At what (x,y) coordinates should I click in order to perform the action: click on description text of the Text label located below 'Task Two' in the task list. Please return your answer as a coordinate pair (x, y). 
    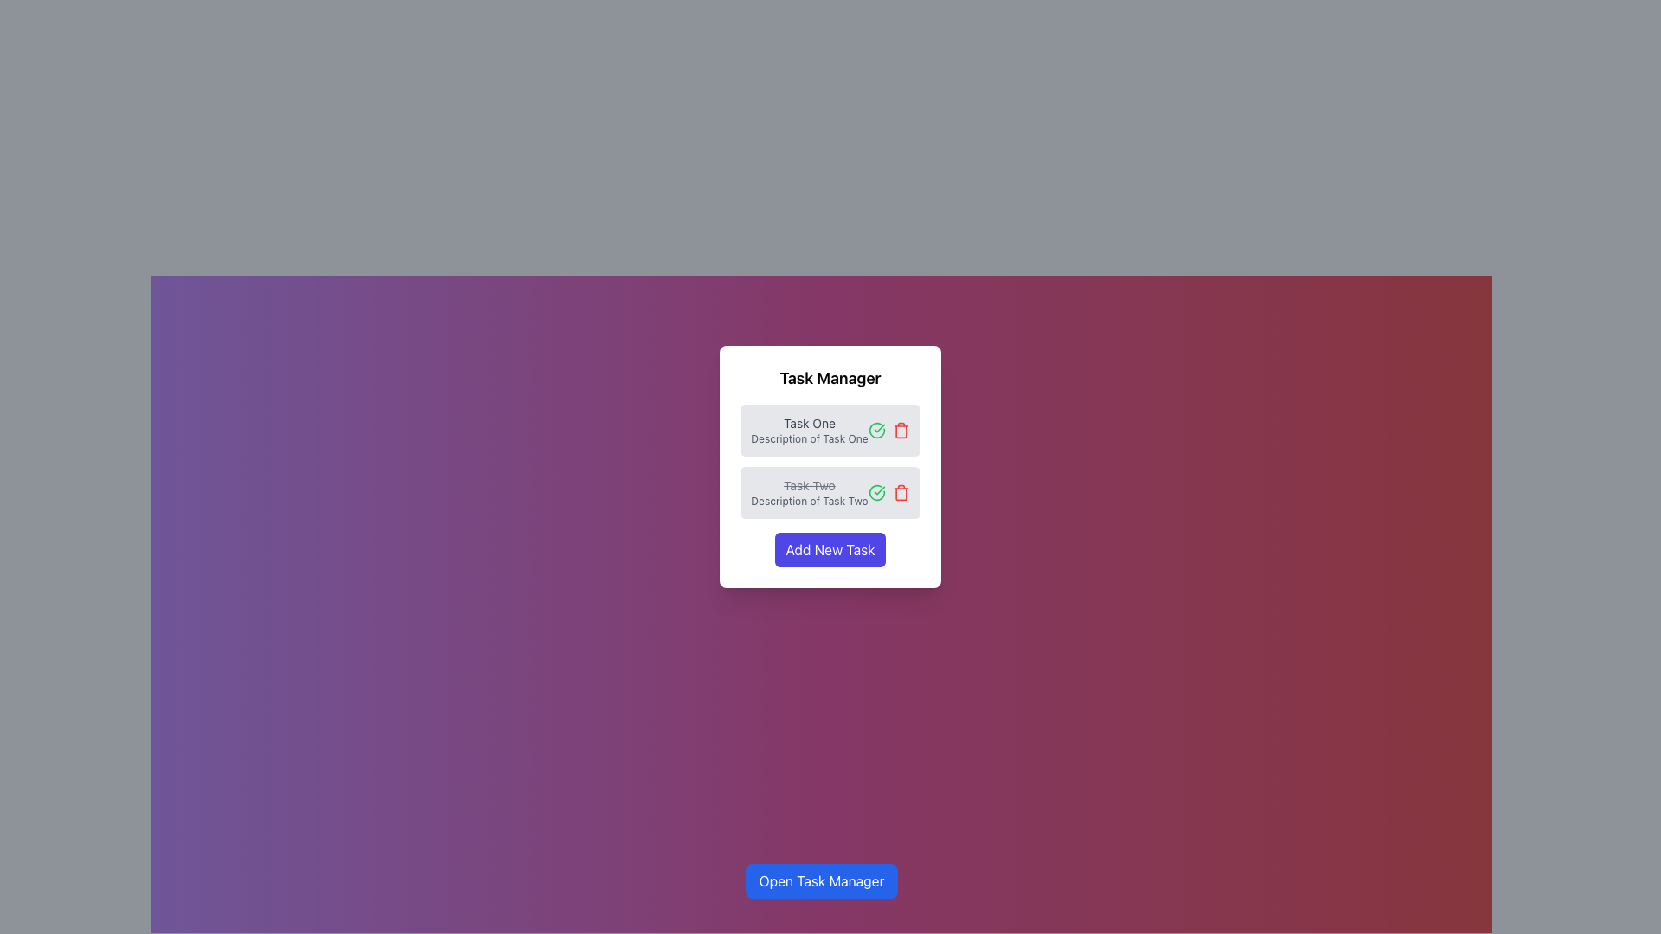
    Looking at the image, I should click on (809, 501).